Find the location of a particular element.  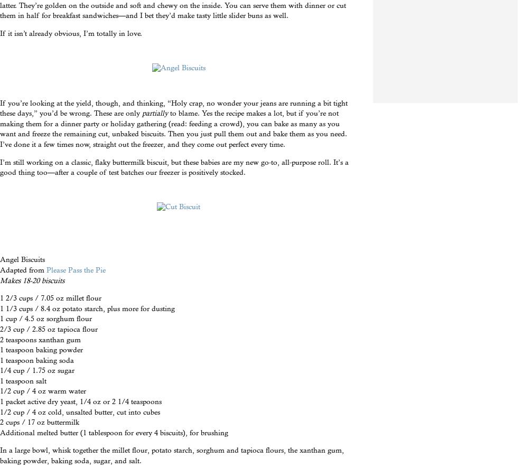

'If it isn’t already obvious, I’m totally in love.' is located at coordinates (0, 32).